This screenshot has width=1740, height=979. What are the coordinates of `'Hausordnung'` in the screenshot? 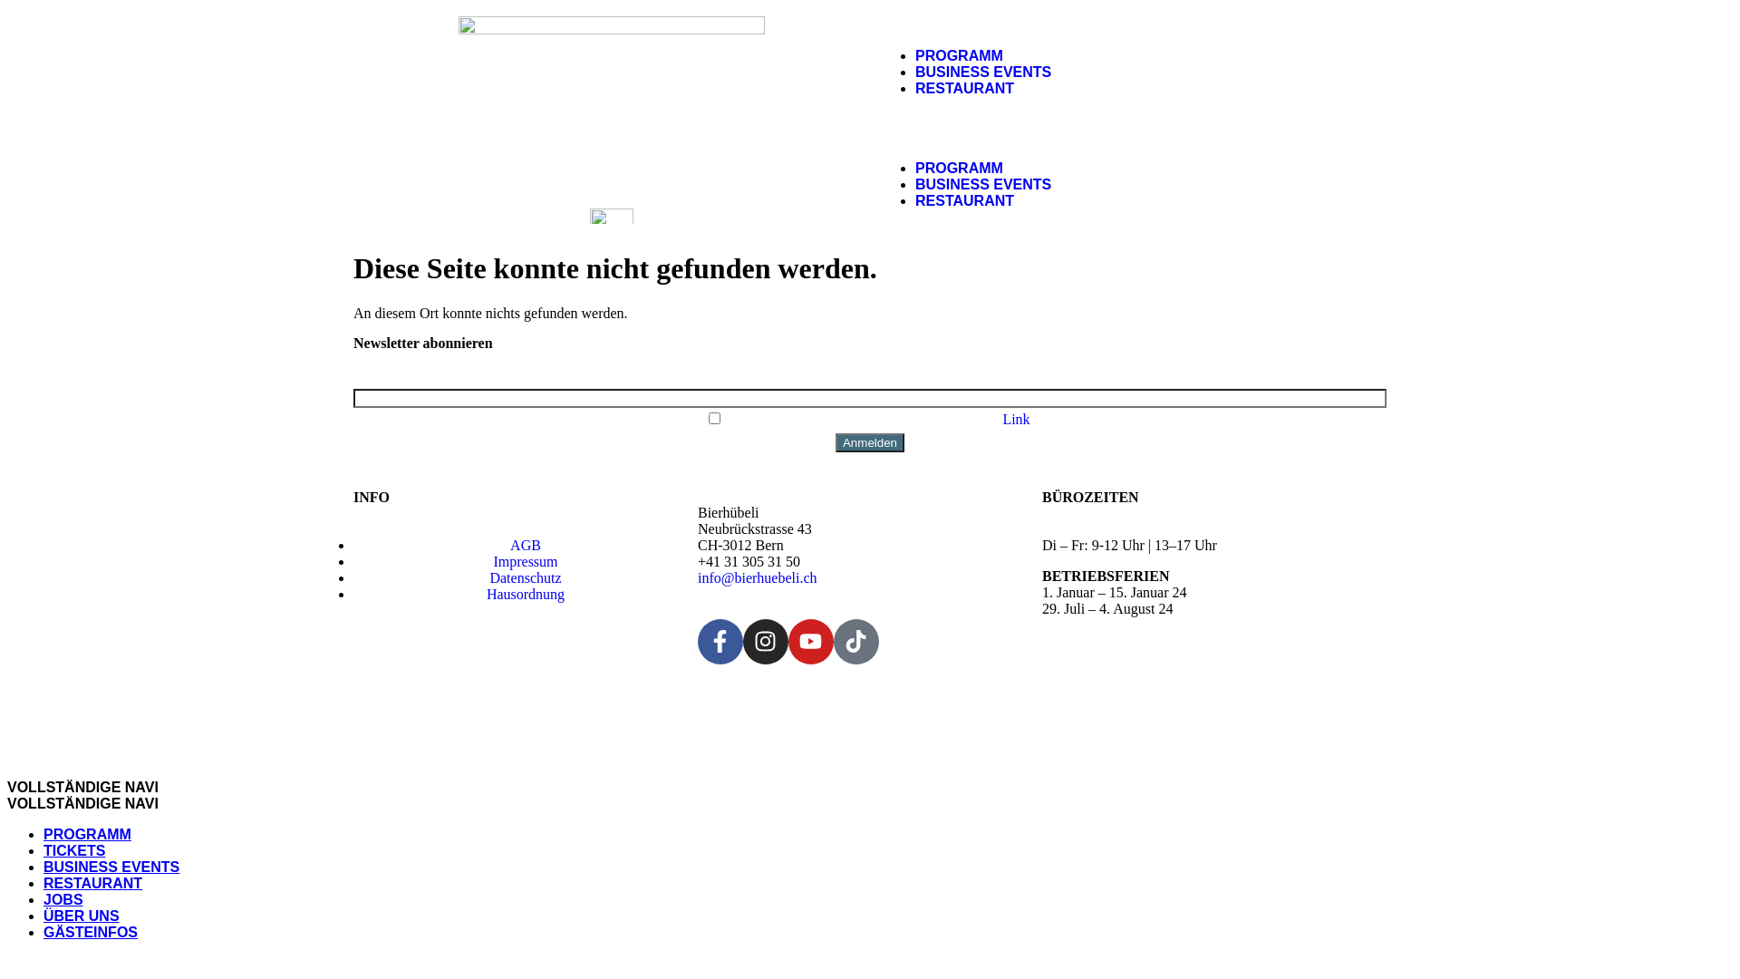 It's located at (525, 594).